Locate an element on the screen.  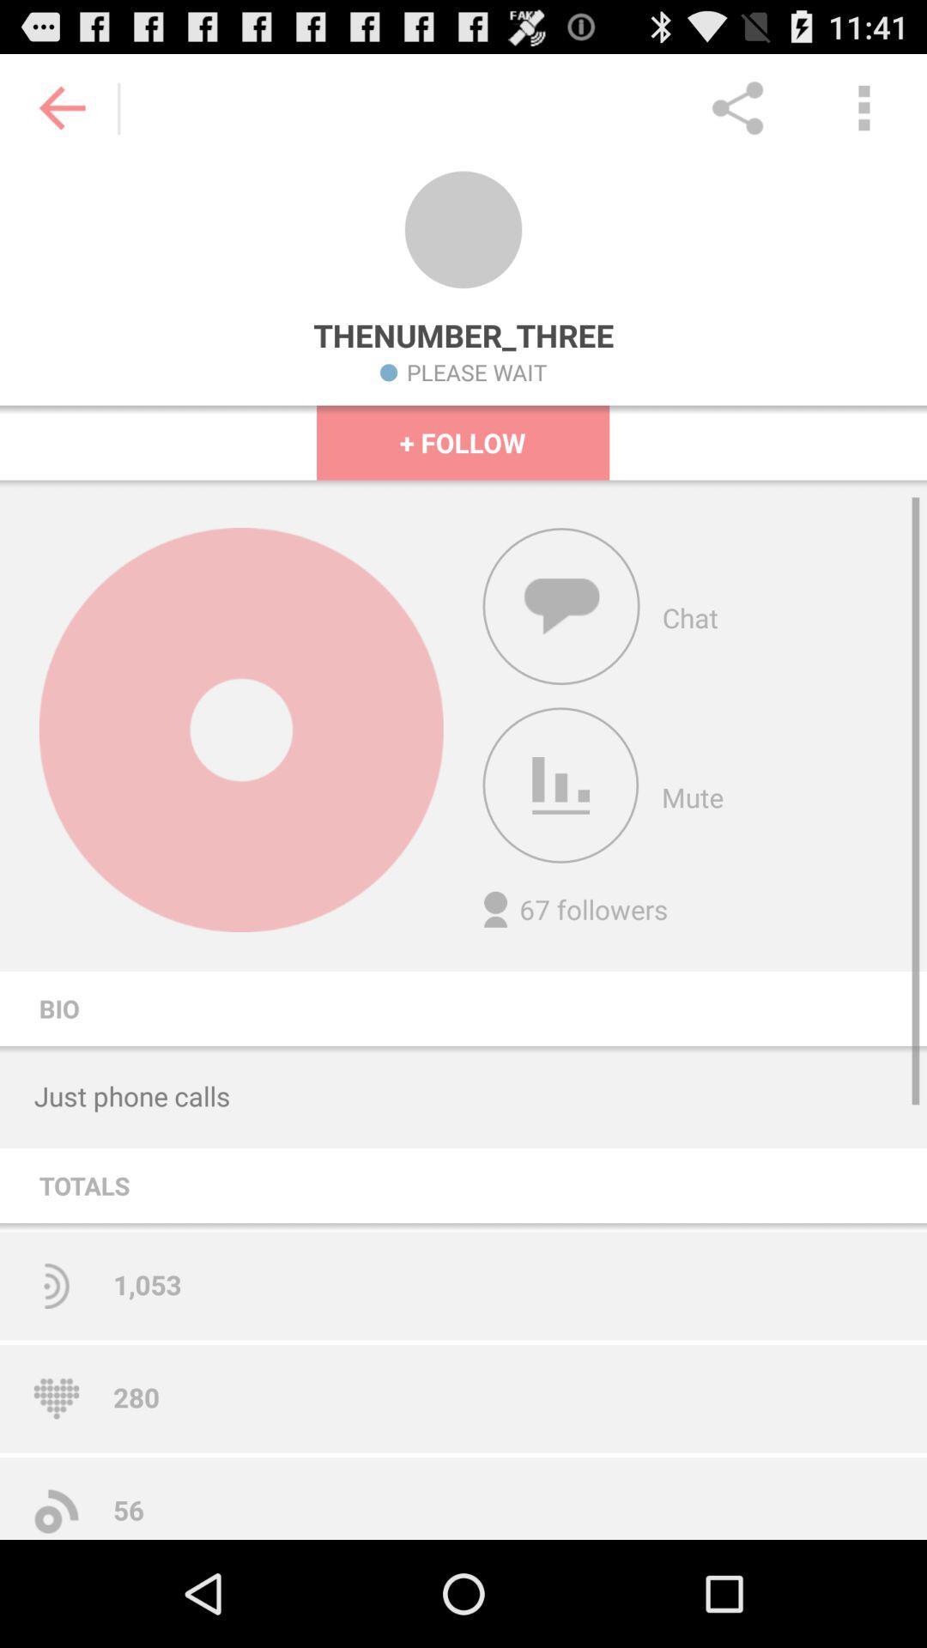
the three dots button on the top right corner of the web page is located at coordinates (863, 106).